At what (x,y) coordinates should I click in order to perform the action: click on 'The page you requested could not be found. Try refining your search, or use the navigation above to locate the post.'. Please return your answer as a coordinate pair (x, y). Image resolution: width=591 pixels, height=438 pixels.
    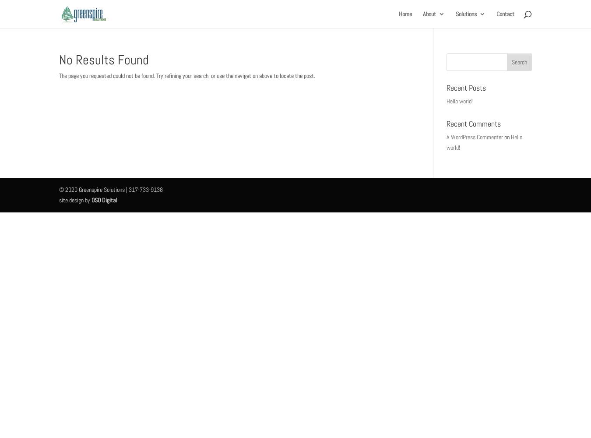
    Looking at the image, I should click on (187, 76).